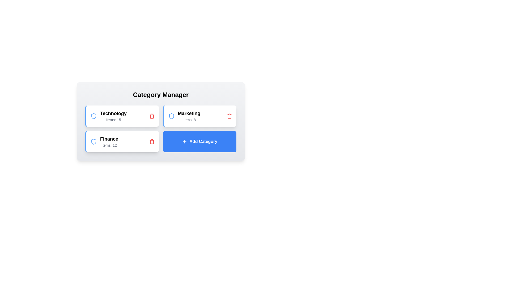 This screenshot has width=510, height=287. I want to click on the category name Marketing to select it, so click(189, 113).